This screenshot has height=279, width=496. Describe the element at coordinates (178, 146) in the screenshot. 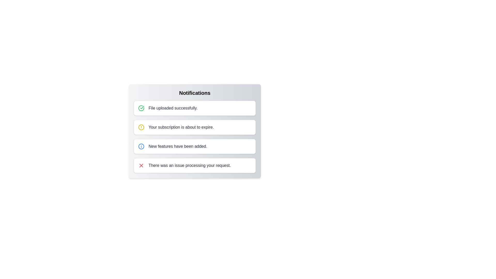

I see `text content of the third notification card in the 'Notifications' section, which has a blue icon on the left and a white background` at that location.